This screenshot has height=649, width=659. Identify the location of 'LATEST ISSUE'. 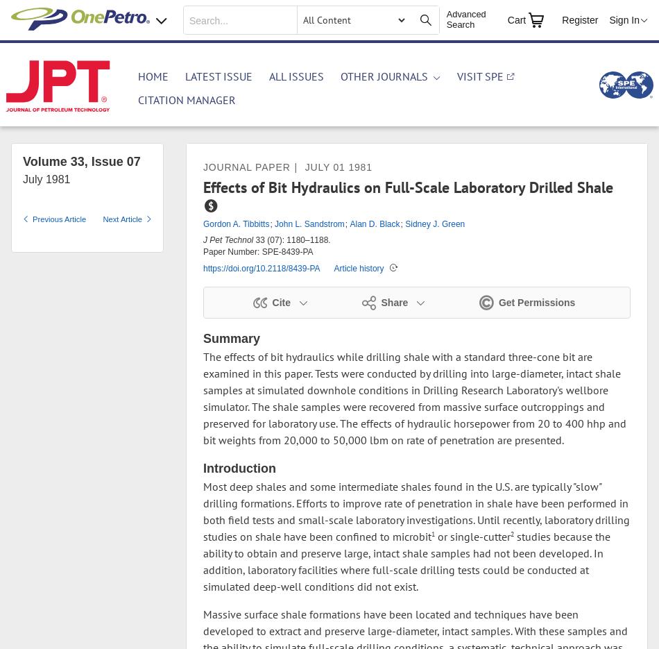
(218, 75).